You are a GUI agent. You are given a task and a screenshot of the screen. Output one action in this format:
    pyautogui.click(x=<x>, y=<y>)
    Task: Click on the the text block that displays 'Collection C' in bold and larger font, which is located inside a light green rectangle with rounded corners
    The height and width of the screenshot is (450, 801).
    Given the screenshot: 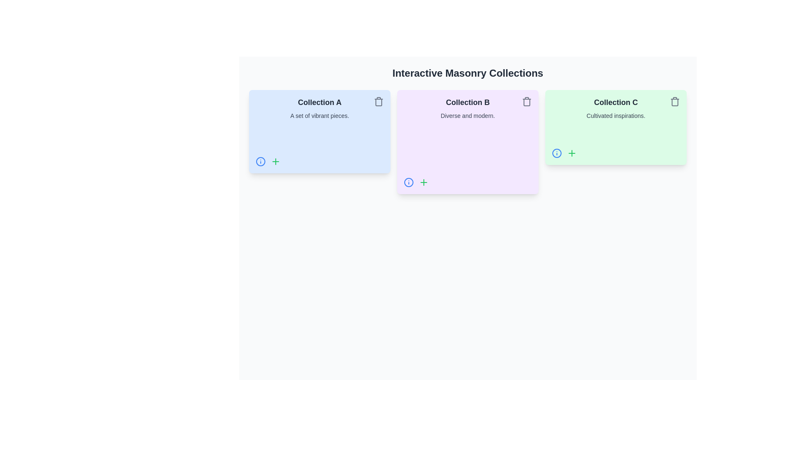 What is the action you would take?
    pyautogui.click(x=616, y=107)
    